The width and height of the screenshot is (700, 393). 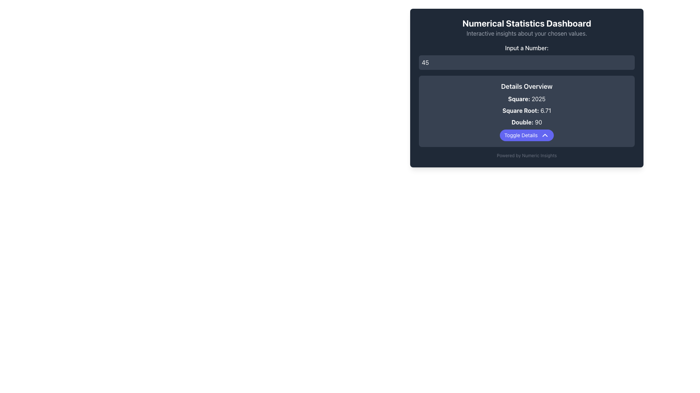 I want to click on the chevron arrow icon located on the right side of the 'Toggle Details' button, so click(x=545, y=135).